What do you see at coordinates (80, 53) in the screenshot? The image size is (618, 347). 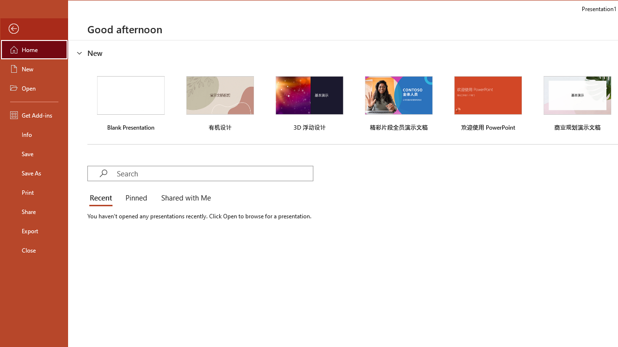 I see `'Hide or show region'` at bounding box center [80, 53].